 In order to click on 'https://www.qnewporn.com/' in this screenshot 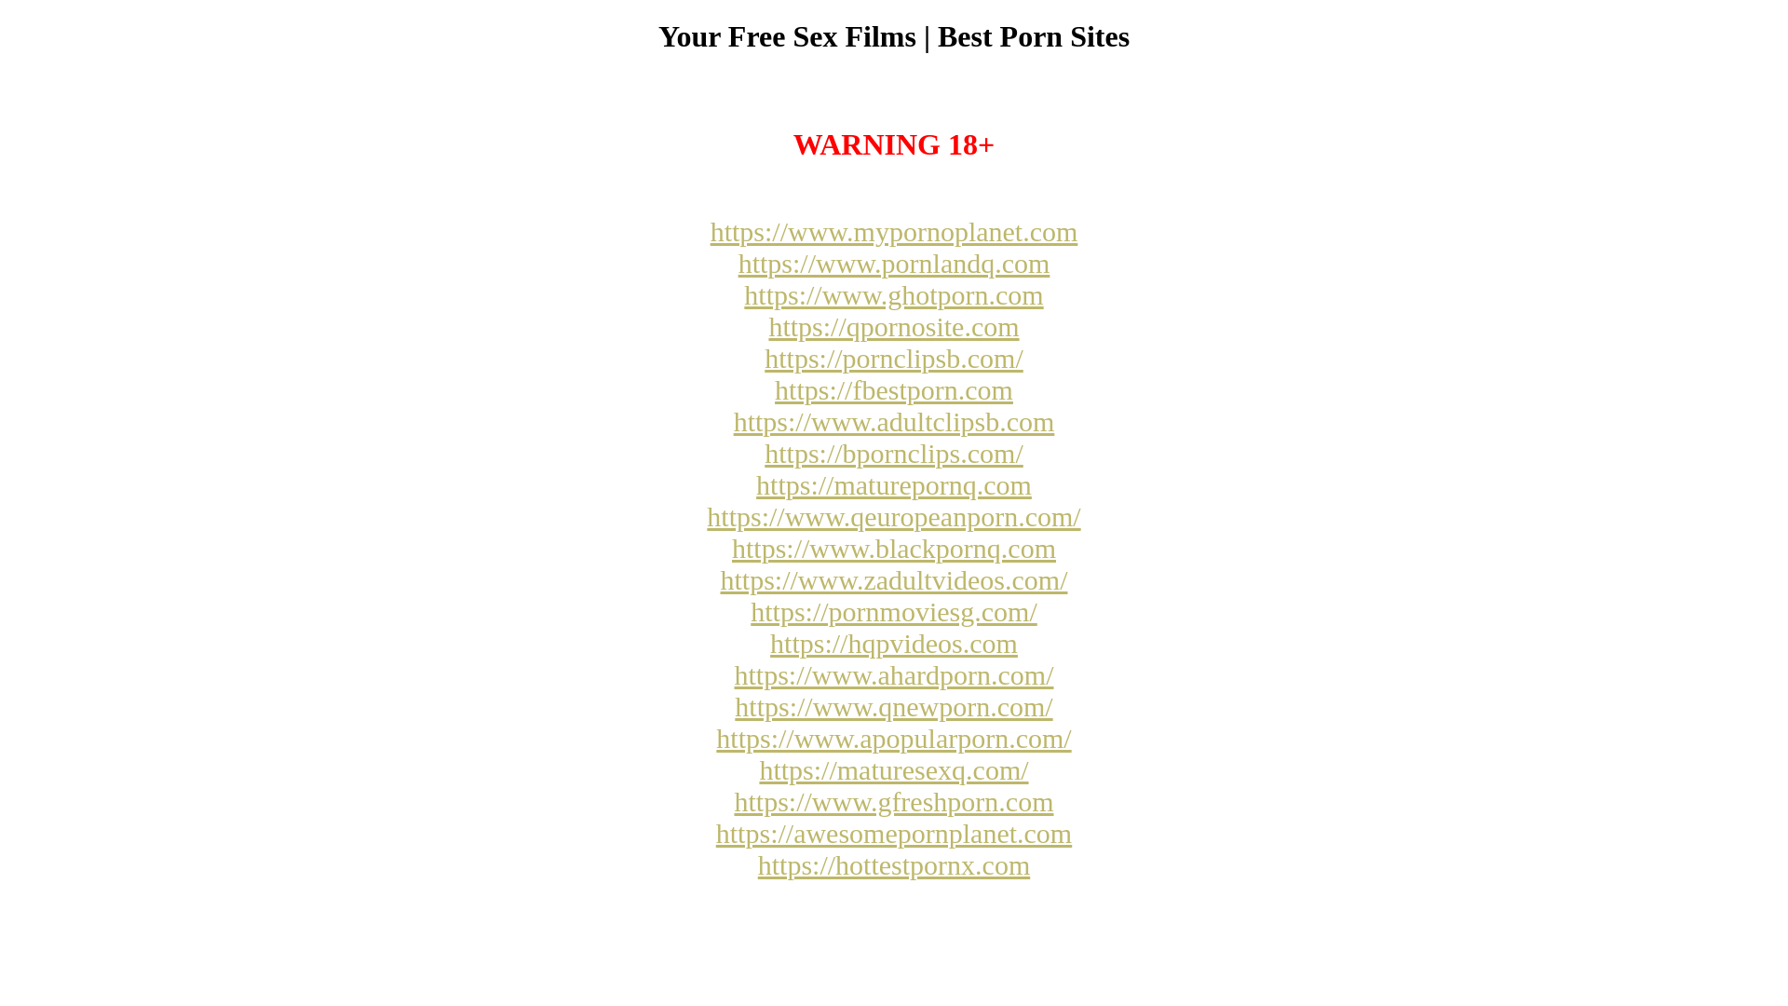, I will do `click(892, 706)`.